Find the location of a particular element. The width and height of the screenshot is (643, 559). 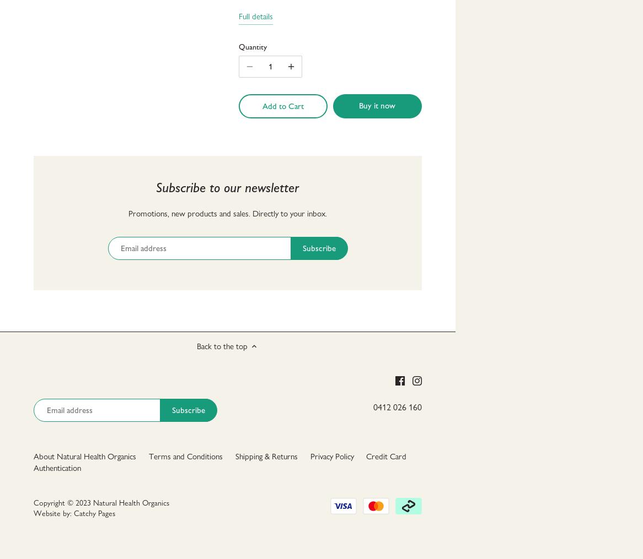

'Copyright
          © 2023' is located at coordinates (62, 502).